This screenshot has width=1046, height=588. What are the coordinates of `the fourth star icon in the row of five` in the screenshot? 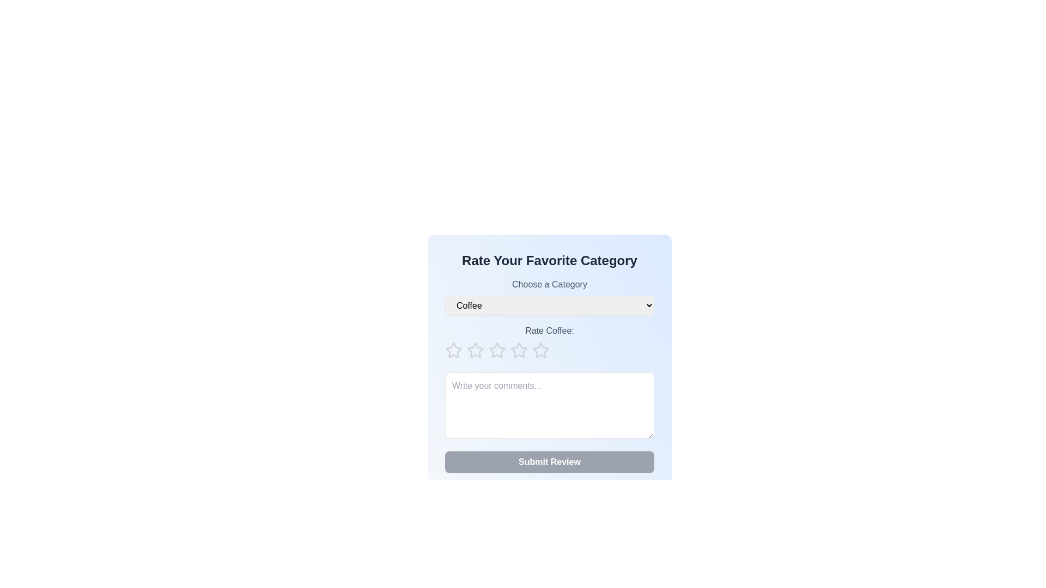 It's located at (540, 350).